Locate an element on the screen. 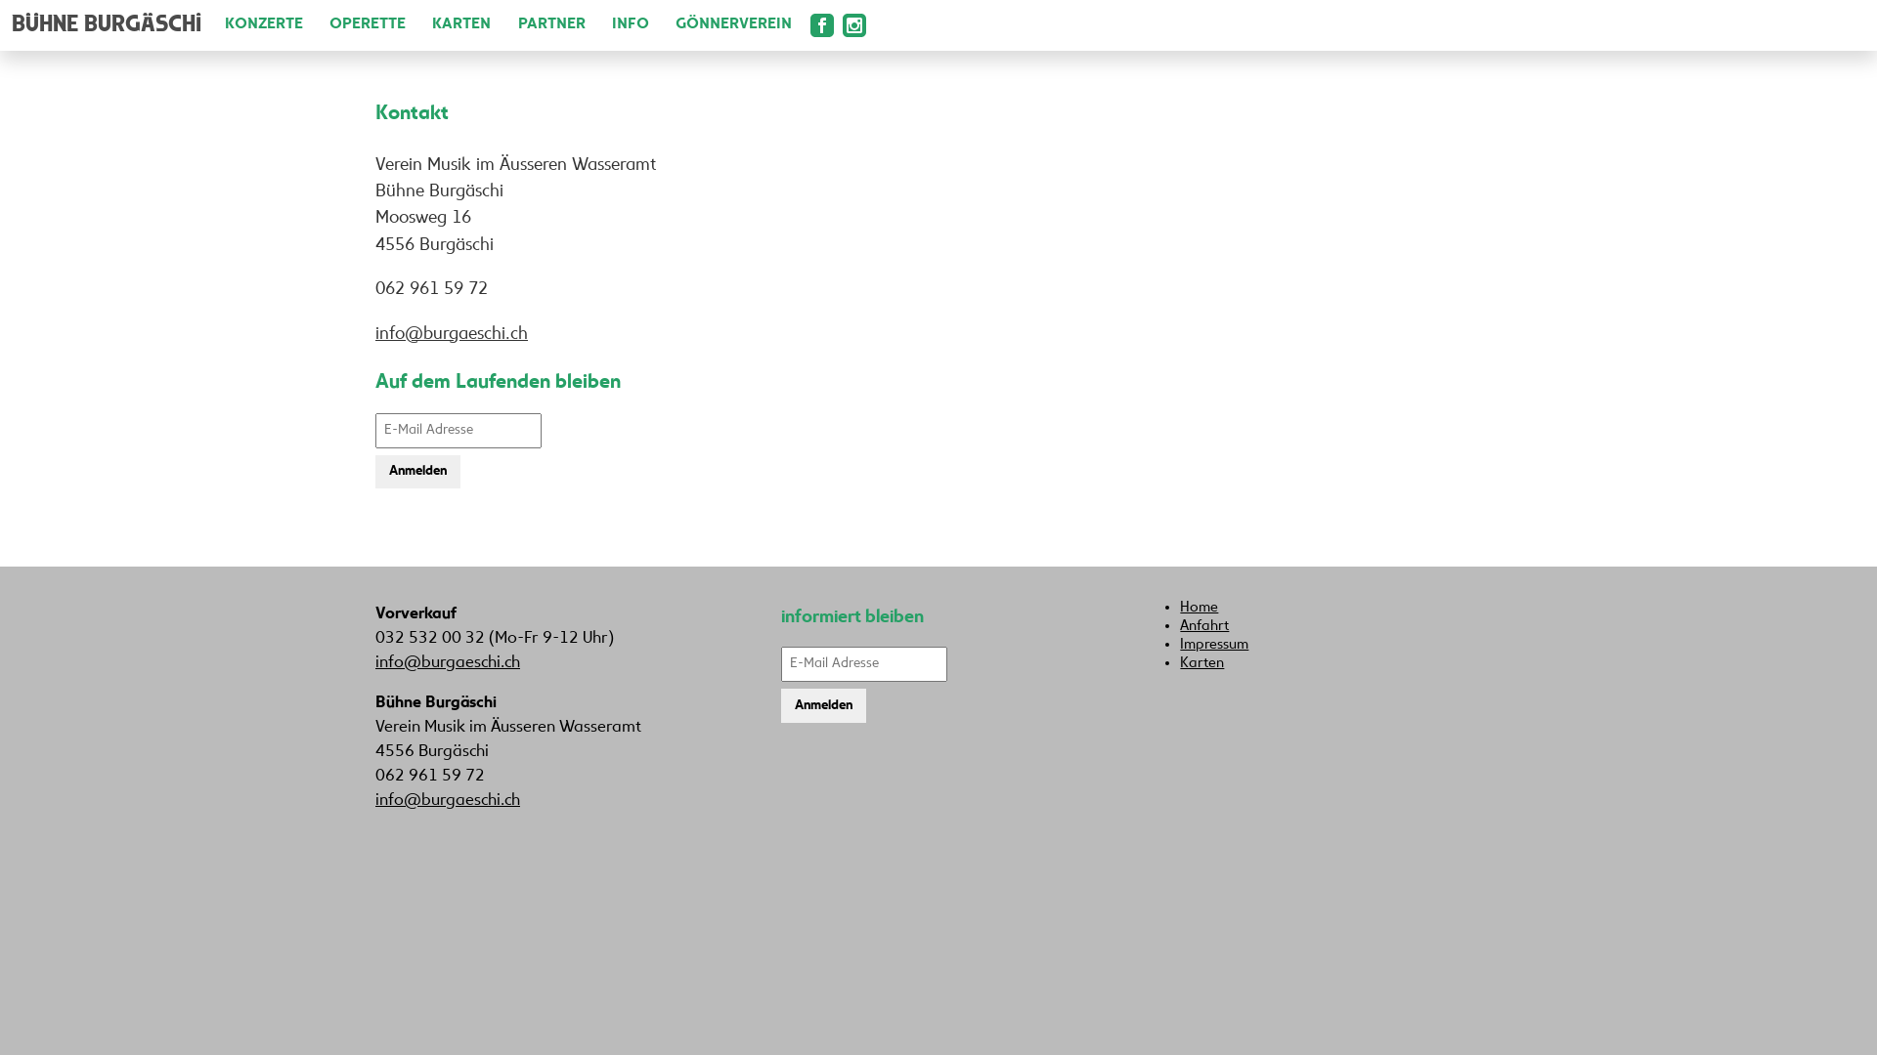  'info@burgaeschi.ch' is located at coordinates (446, 661).